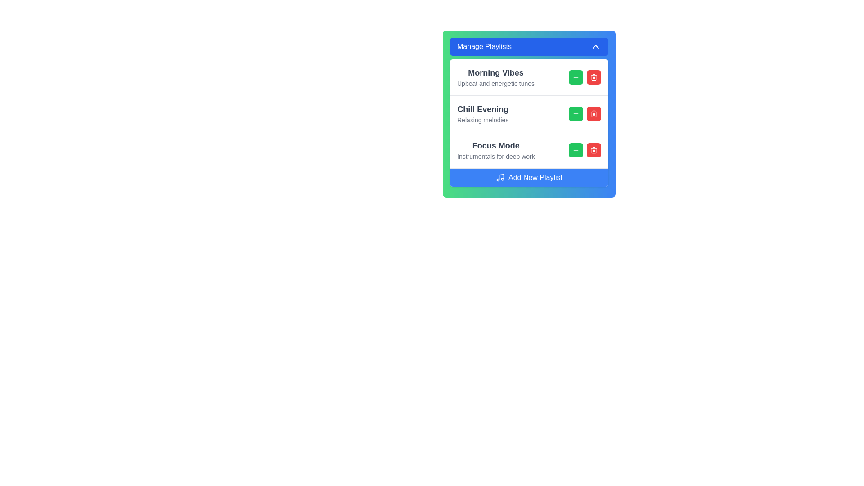 This screenshot has height=486, width=864. I want to click on the button next to the 'Morning Vibes' playlist, so click(576, 77).